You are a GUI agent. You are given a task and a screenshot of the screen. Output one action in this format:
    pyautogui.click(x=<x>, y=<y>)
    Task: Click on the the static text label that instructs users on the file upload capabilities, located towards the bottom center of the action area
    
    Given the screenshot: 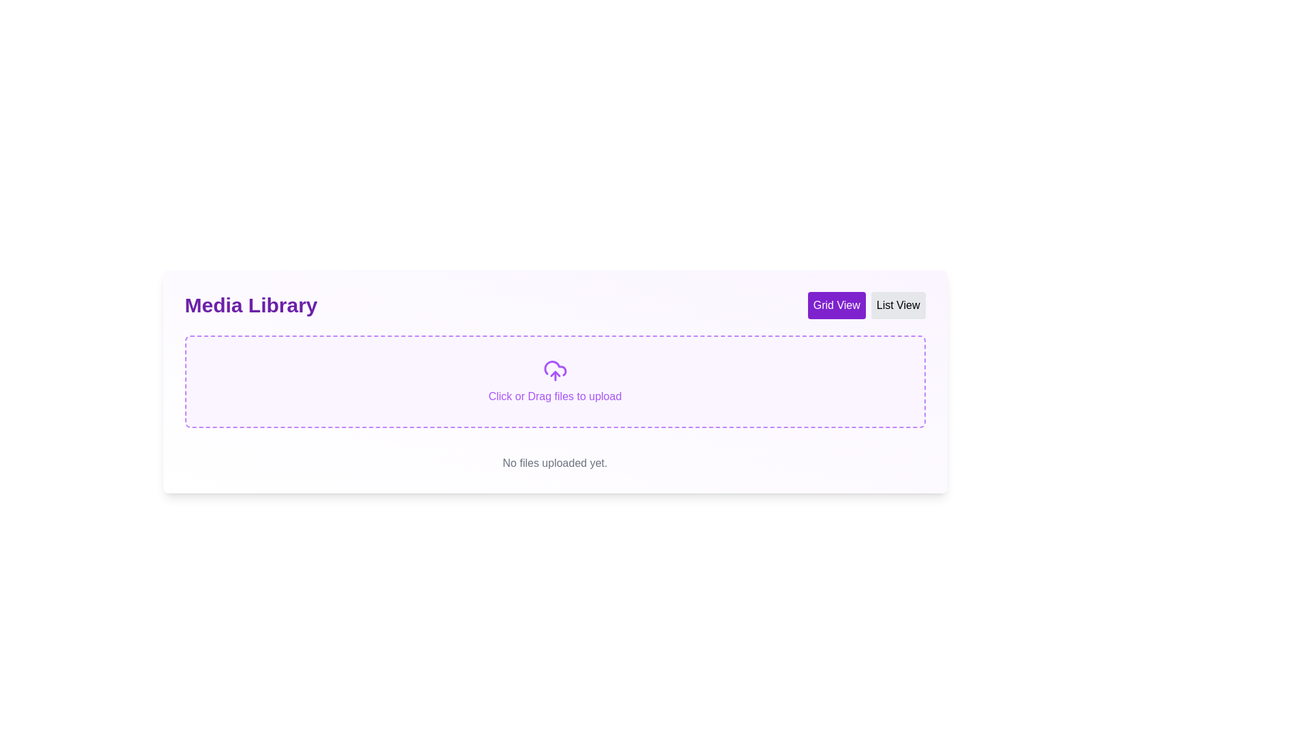 What is the action you would take?
    pyautogui.click(x=555, y=396)
    